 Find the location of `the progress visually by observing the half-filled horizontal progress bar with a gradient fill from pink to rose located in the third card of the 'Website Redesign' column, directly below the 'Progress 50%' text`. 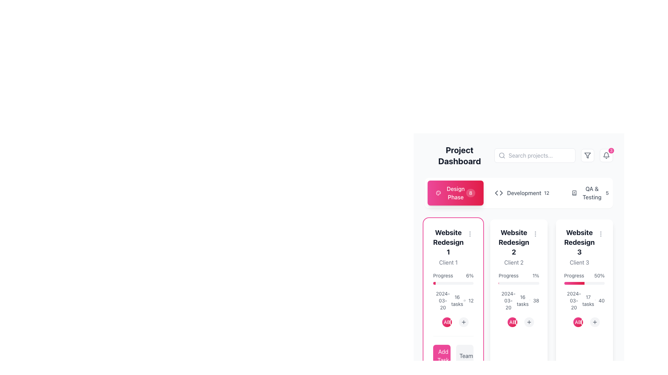

the progress visually by observing the half-filled horizontal progress bar with a gradient fill from pink to rose located in the third card of the 'Website Redesign' column, directly below the 'Progress 50%' text is located at coordinates (584, 283).